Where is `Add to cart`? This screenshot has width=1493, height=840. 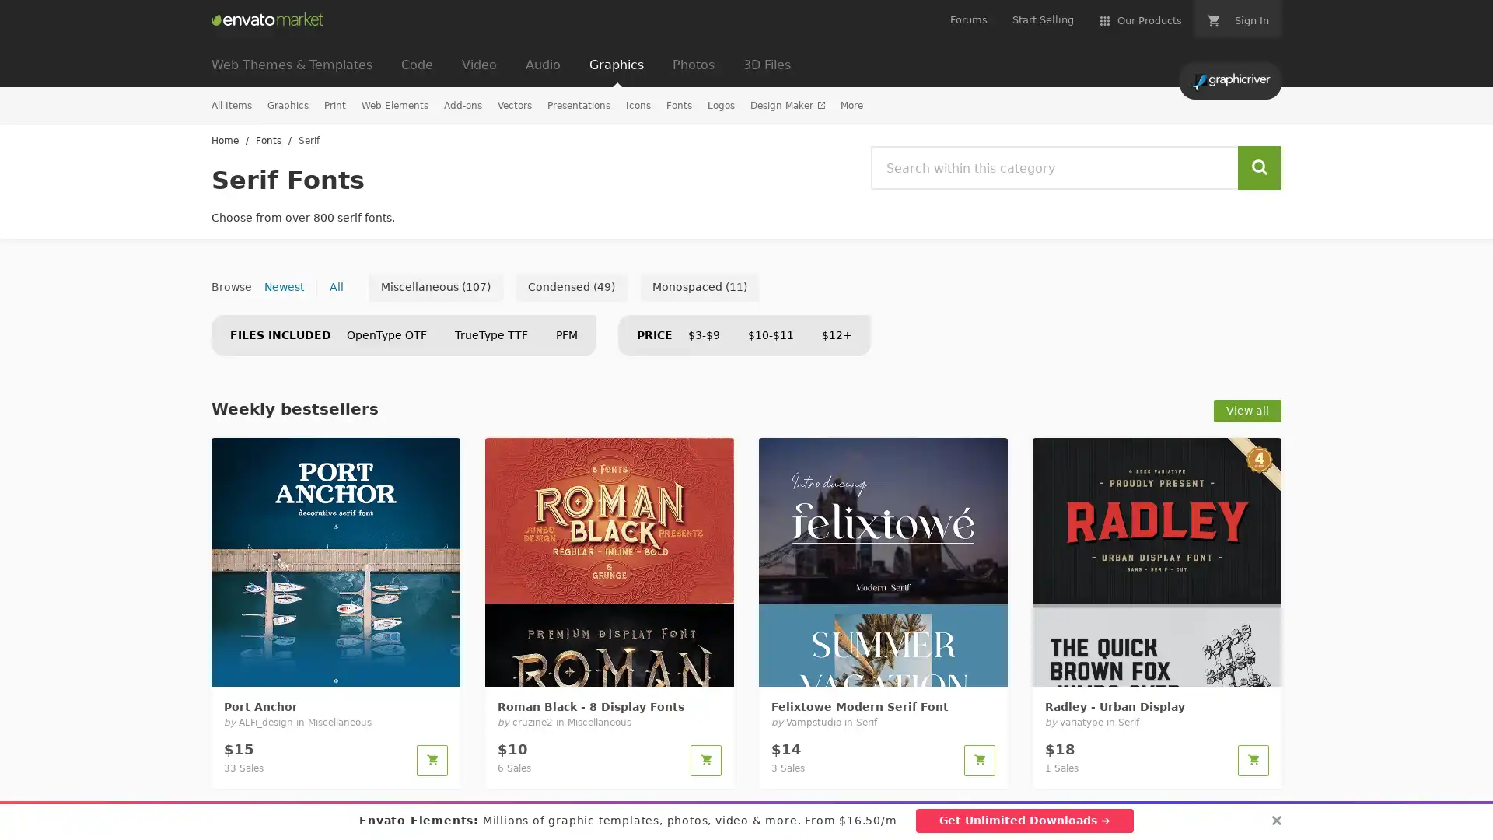
Add to cart is located at coordinates (1253, 760).